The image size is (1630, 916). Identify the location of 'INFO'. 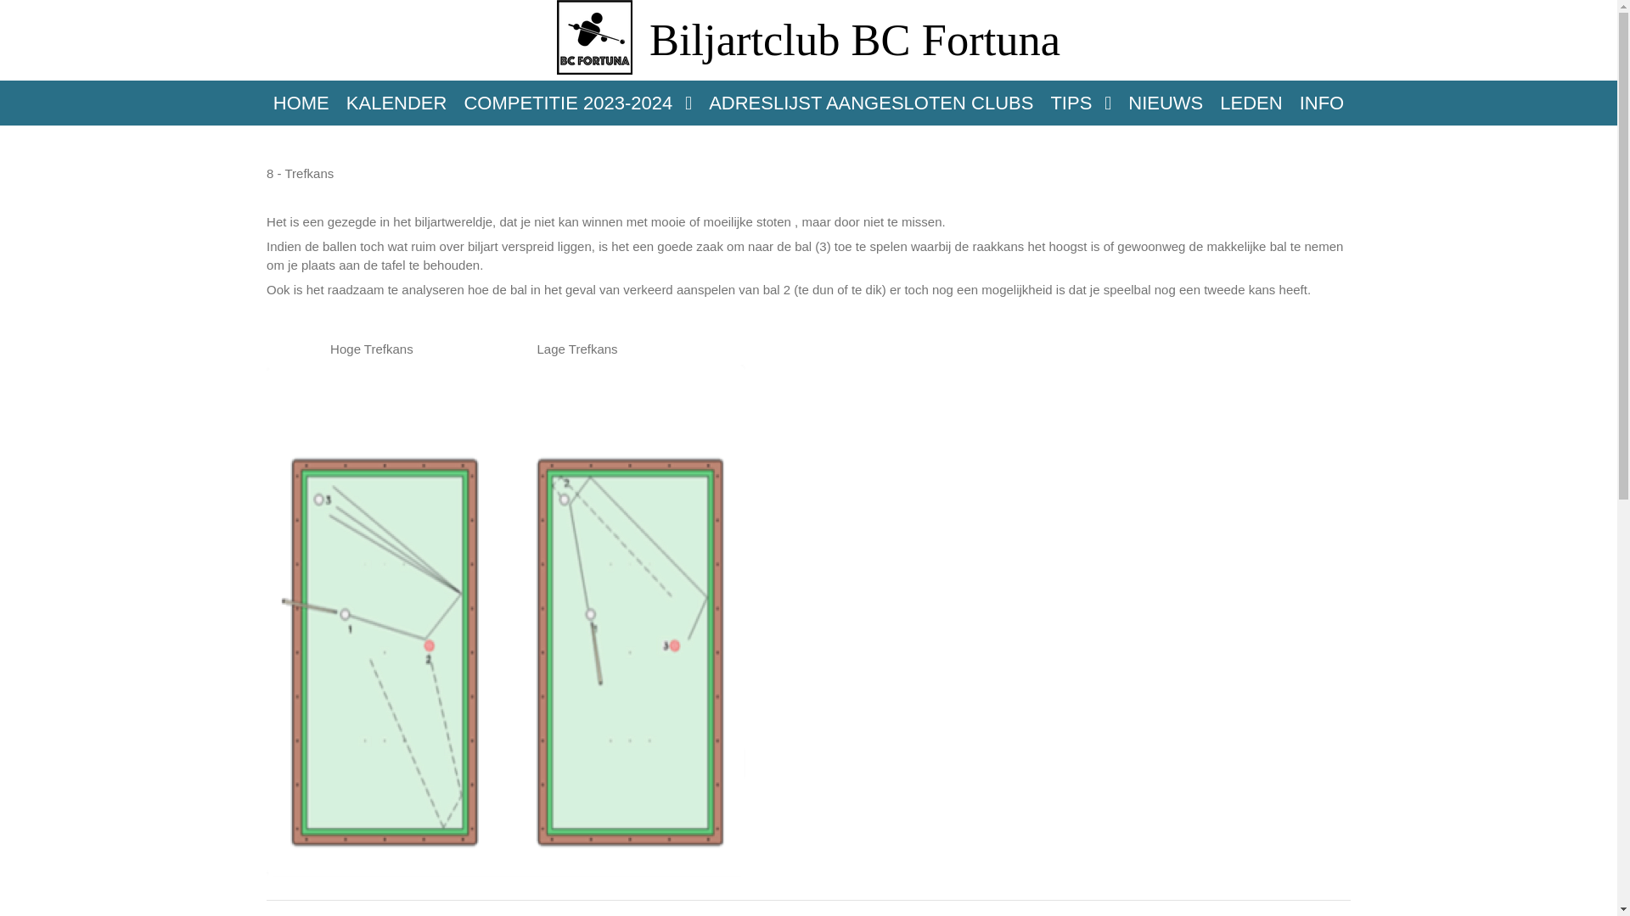
(1321, 102).